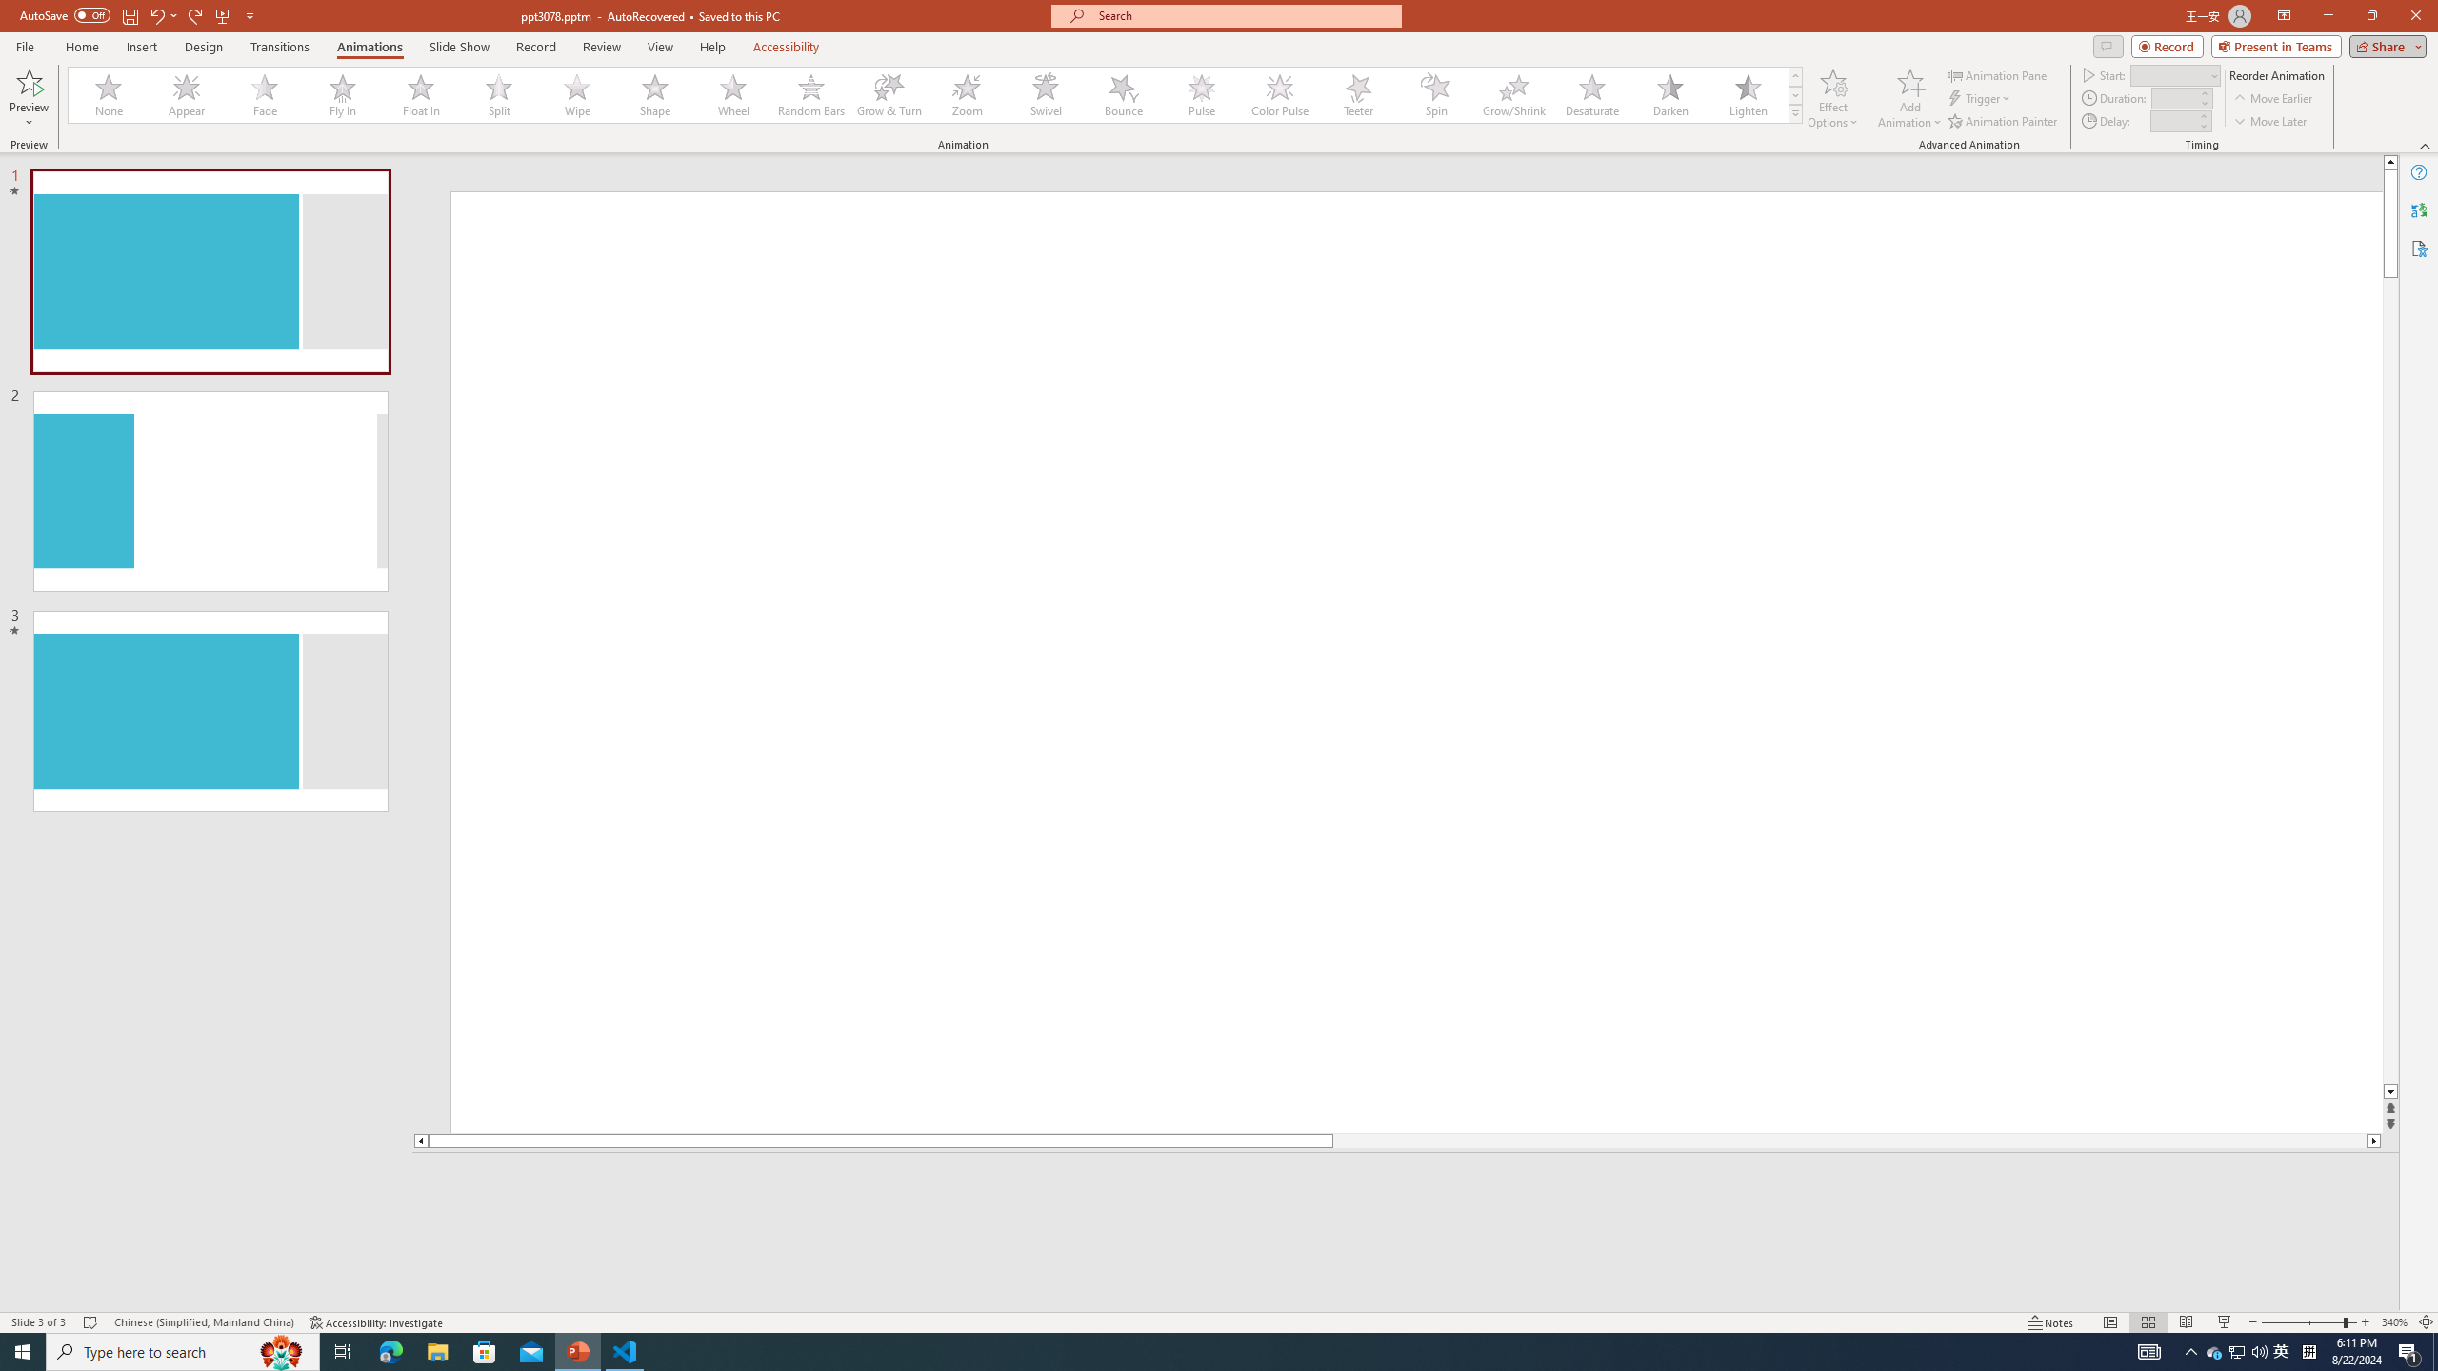 The height and width of the screenshot is (1371, 2438). I want to click on 'Lighten', so click(1747, 94).